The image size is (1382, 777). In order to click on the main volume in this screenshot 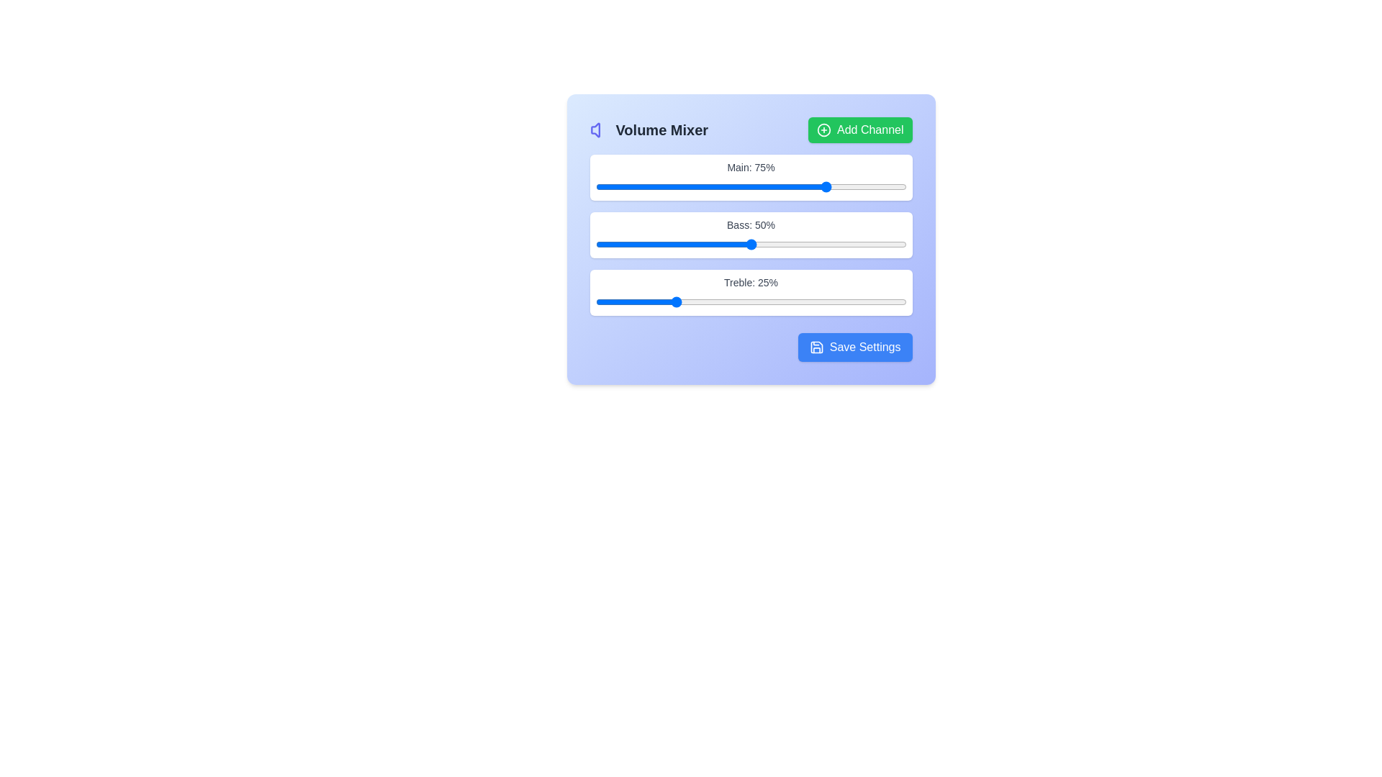, I will do `click(784, 186)`.